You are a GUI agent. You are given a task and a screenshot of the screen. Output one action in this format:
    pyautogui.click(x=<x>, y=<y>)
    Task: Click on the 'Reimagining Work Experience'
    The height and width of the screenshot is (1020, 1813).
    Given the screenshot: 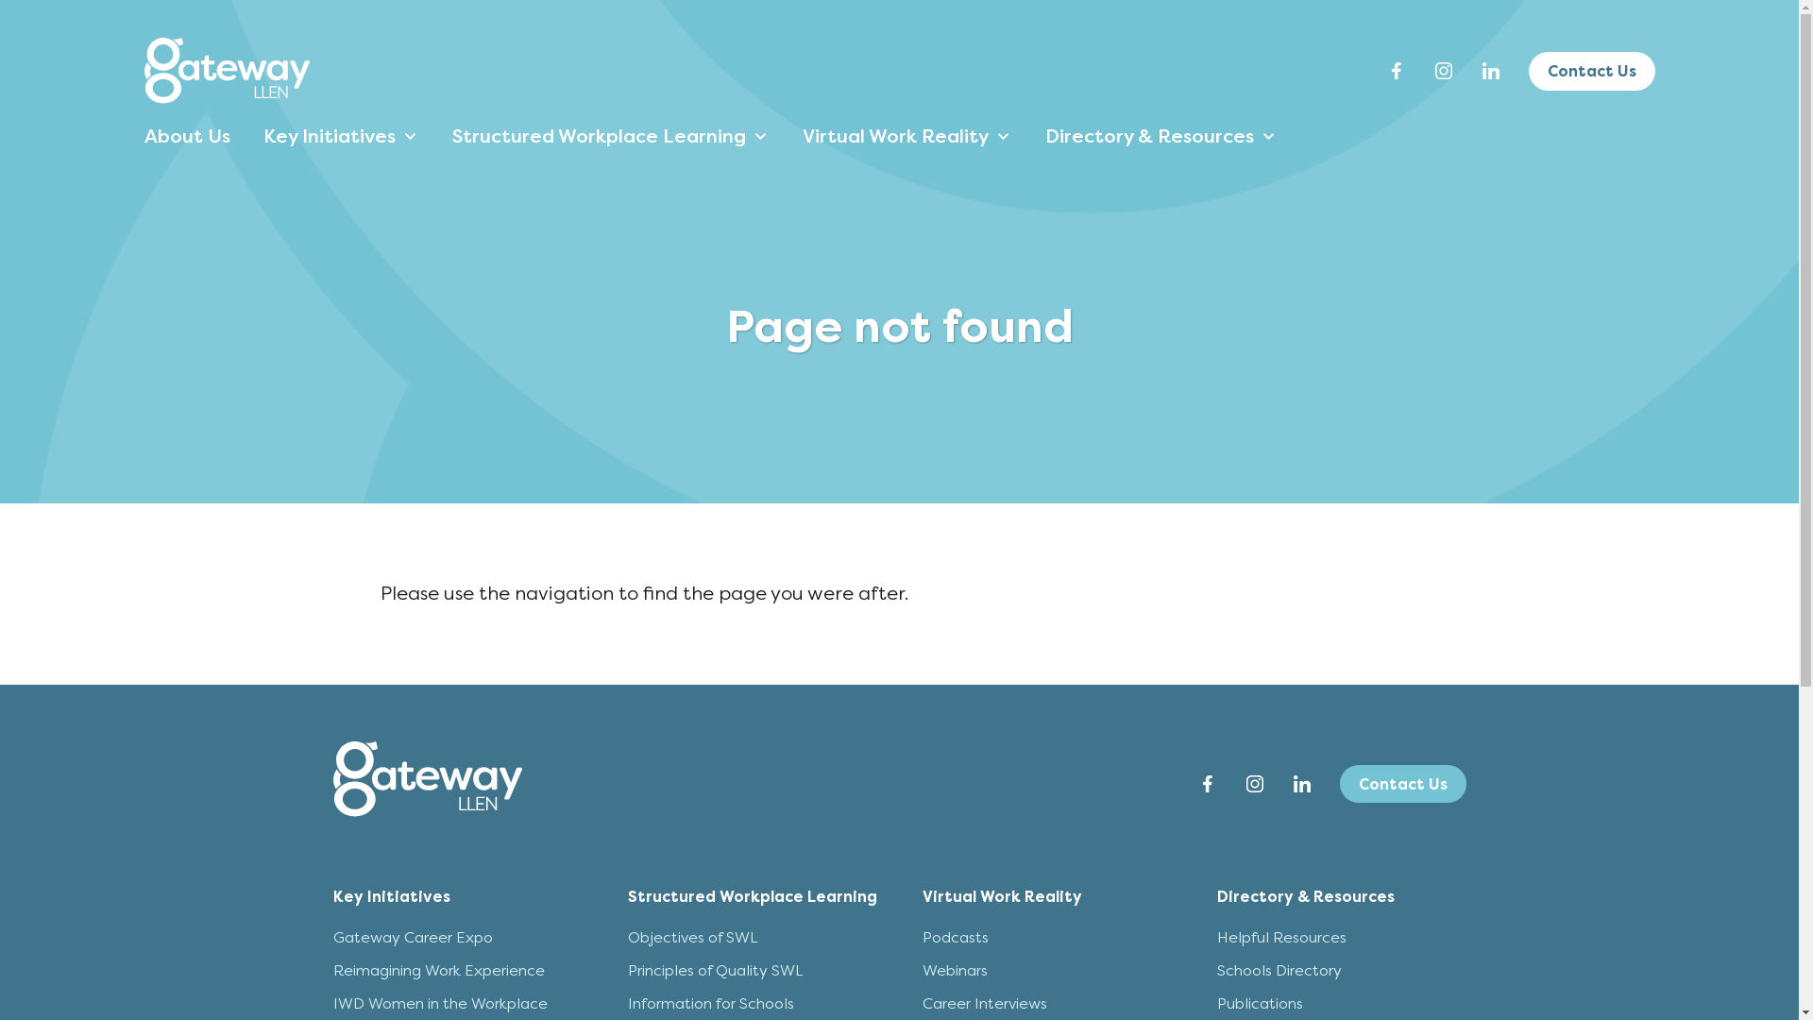 What is the action you would take?
    pyautogui.click(x=437, y=970)
    